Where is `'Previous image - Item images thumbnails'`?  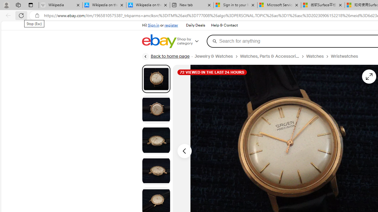 'Previous image - Item images thumbnails' is located at coordinates (184, 150).